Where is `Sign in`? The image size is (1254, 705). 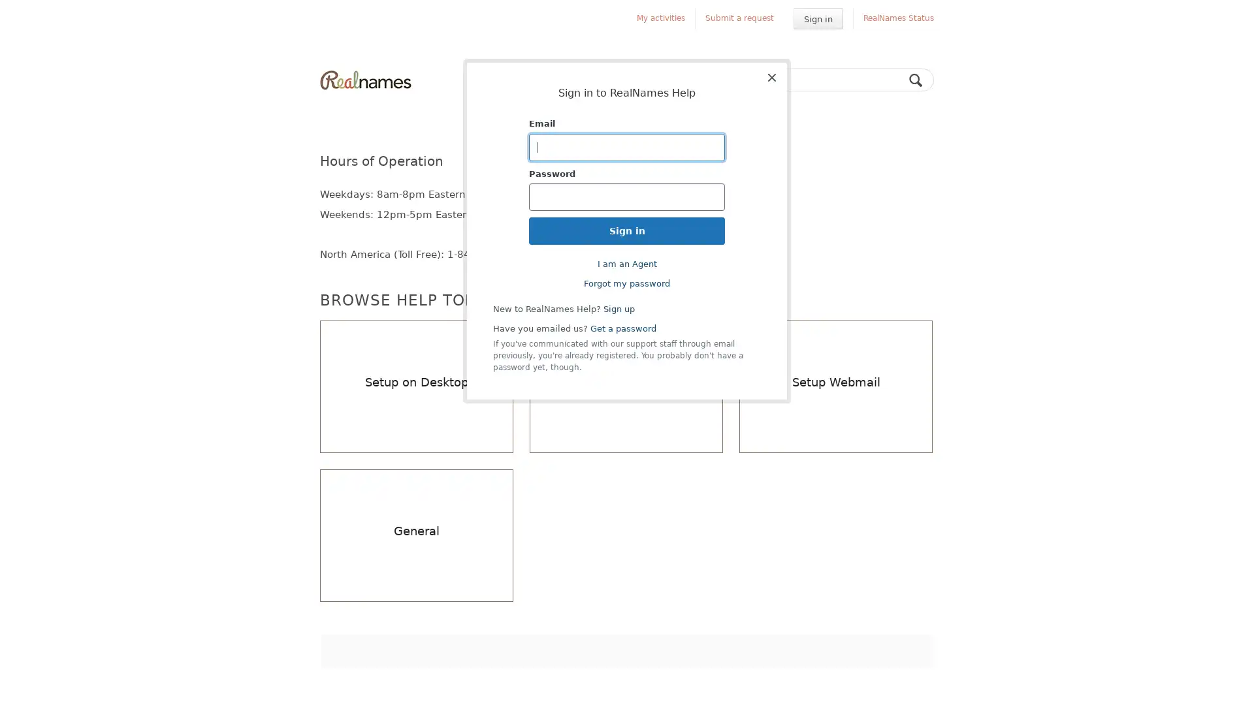 Sign in is located at coordinates (817, 18).